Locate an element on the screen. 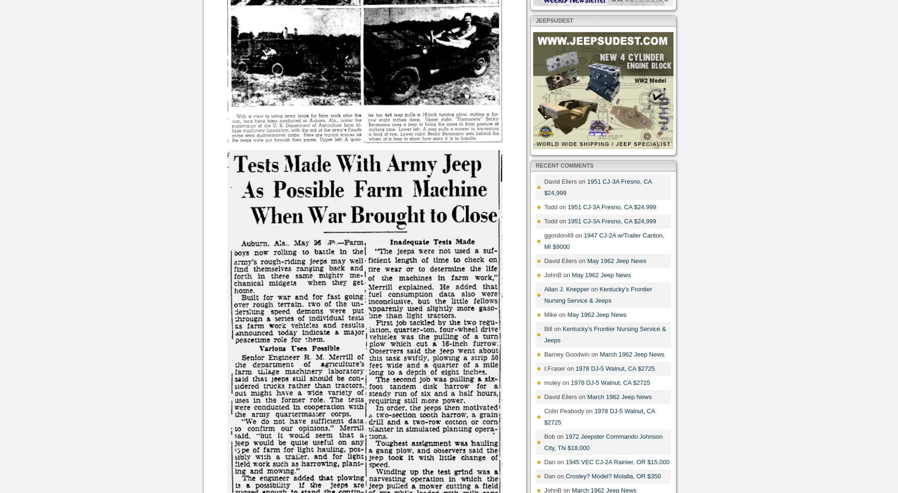 This screenshot has width=898, height=493. '1945 VEC CJ-2A Rainier, OR $15,000' is located at coordinates (617, 461).